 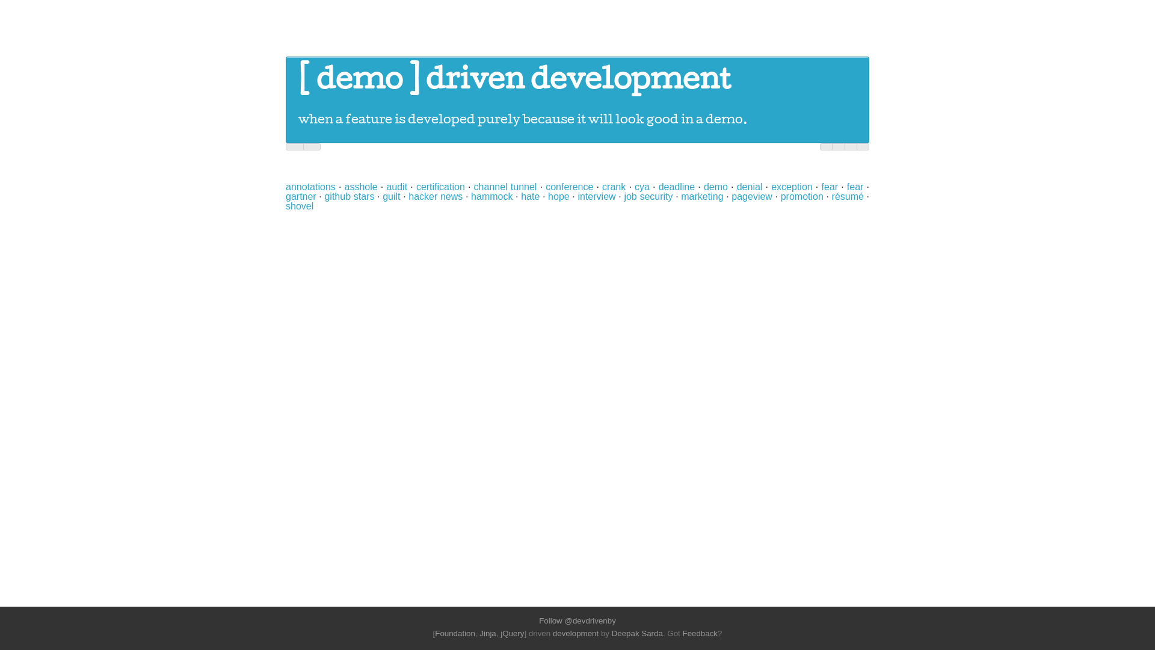 I want to click on 'source', so click(x=837, y=146).